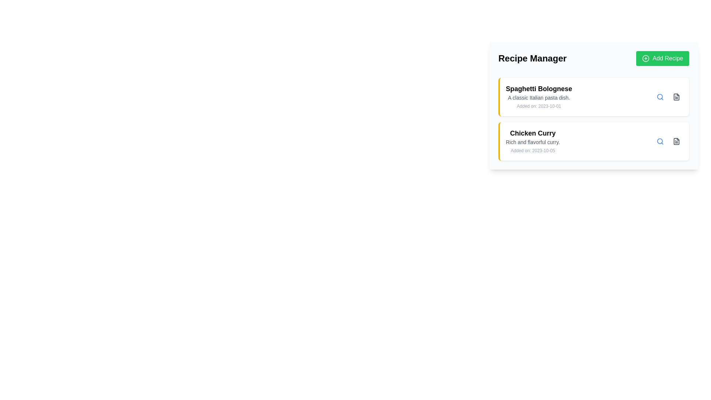 Image resolution: width=711 pixels, height=400 pixels. What do you see at coordinates (539, 106) in the screenshot?
I see `the static text label that displays the metadata about when the recipe was added, located below the title 'Spaghetti Bolognese'` at bounding box center [539, 106].